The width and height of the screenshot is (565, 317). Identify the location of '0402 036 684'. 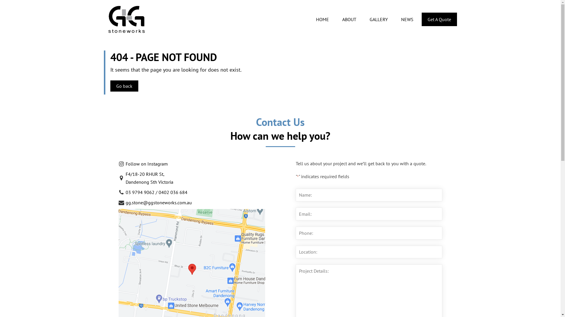
(158, 192).